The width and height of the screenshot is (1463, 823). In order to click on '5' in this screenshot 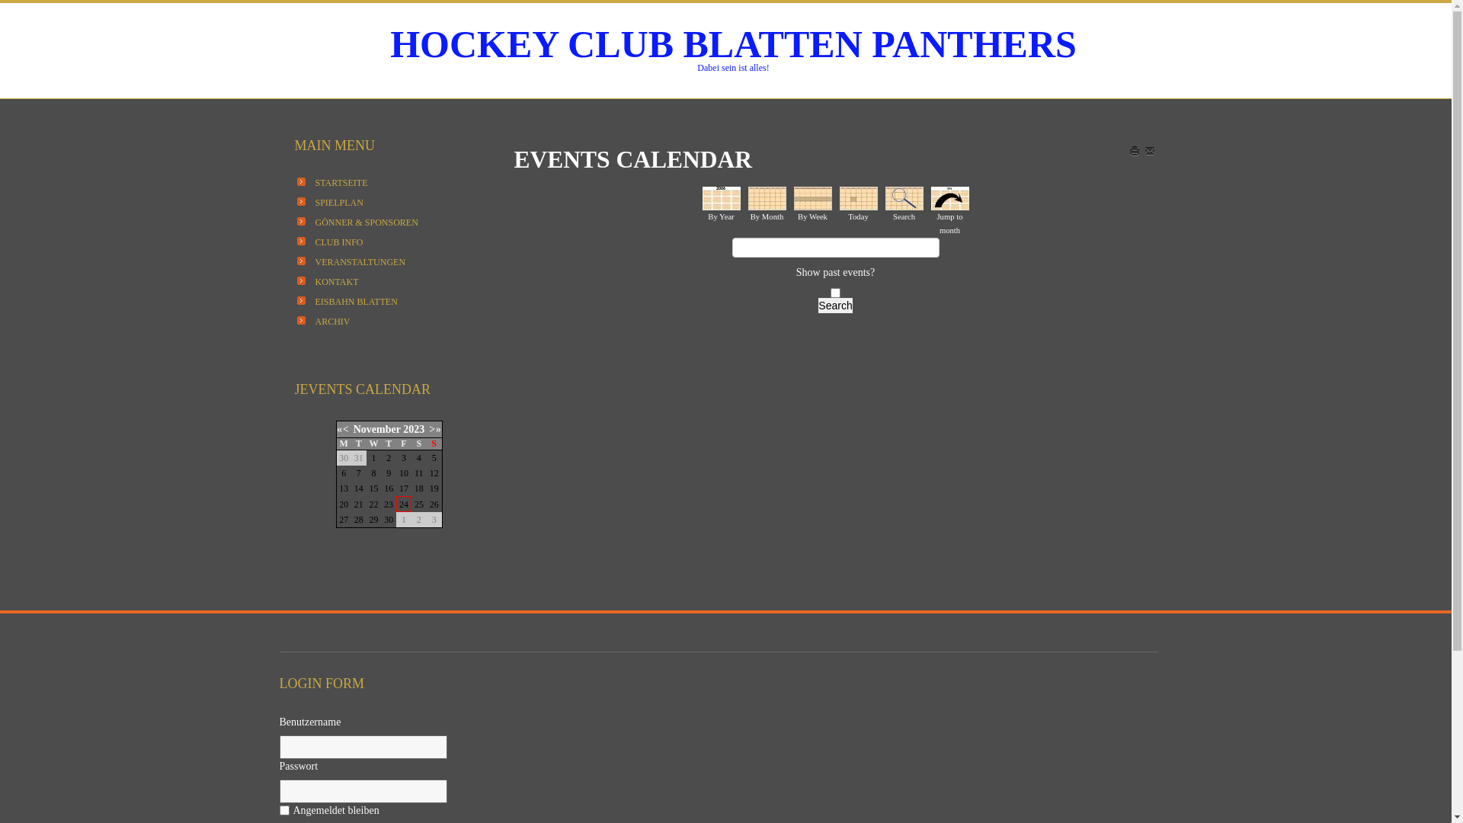, I will do `click(434, 457)`.